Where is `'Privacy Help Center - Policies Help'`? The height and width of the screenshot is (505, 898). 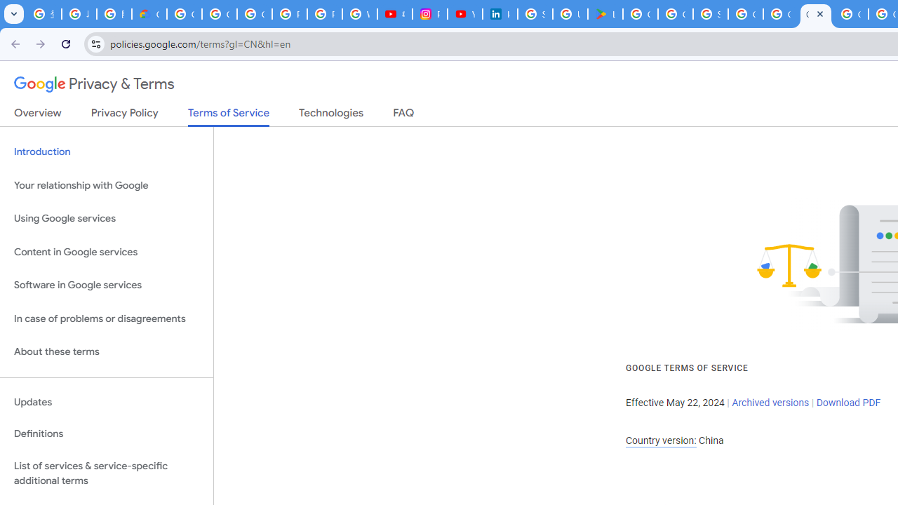
'Privacy Help Center - Policies Help' is located at coordinates (323, 14).